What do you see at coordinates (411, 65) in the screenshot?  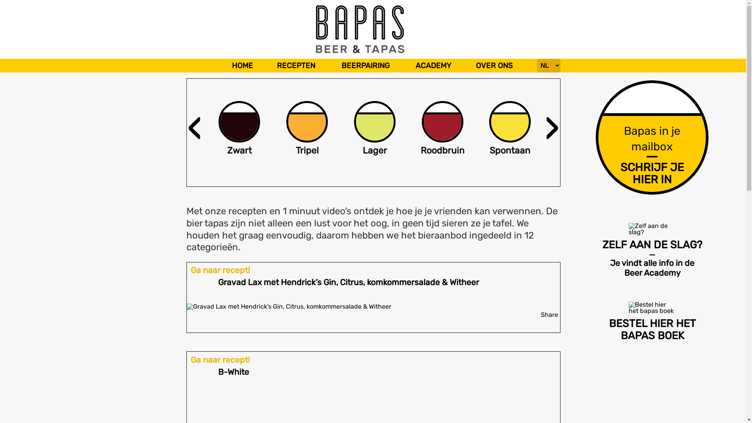 I see `'ACADEMY'` at bounding box center [411, 65].